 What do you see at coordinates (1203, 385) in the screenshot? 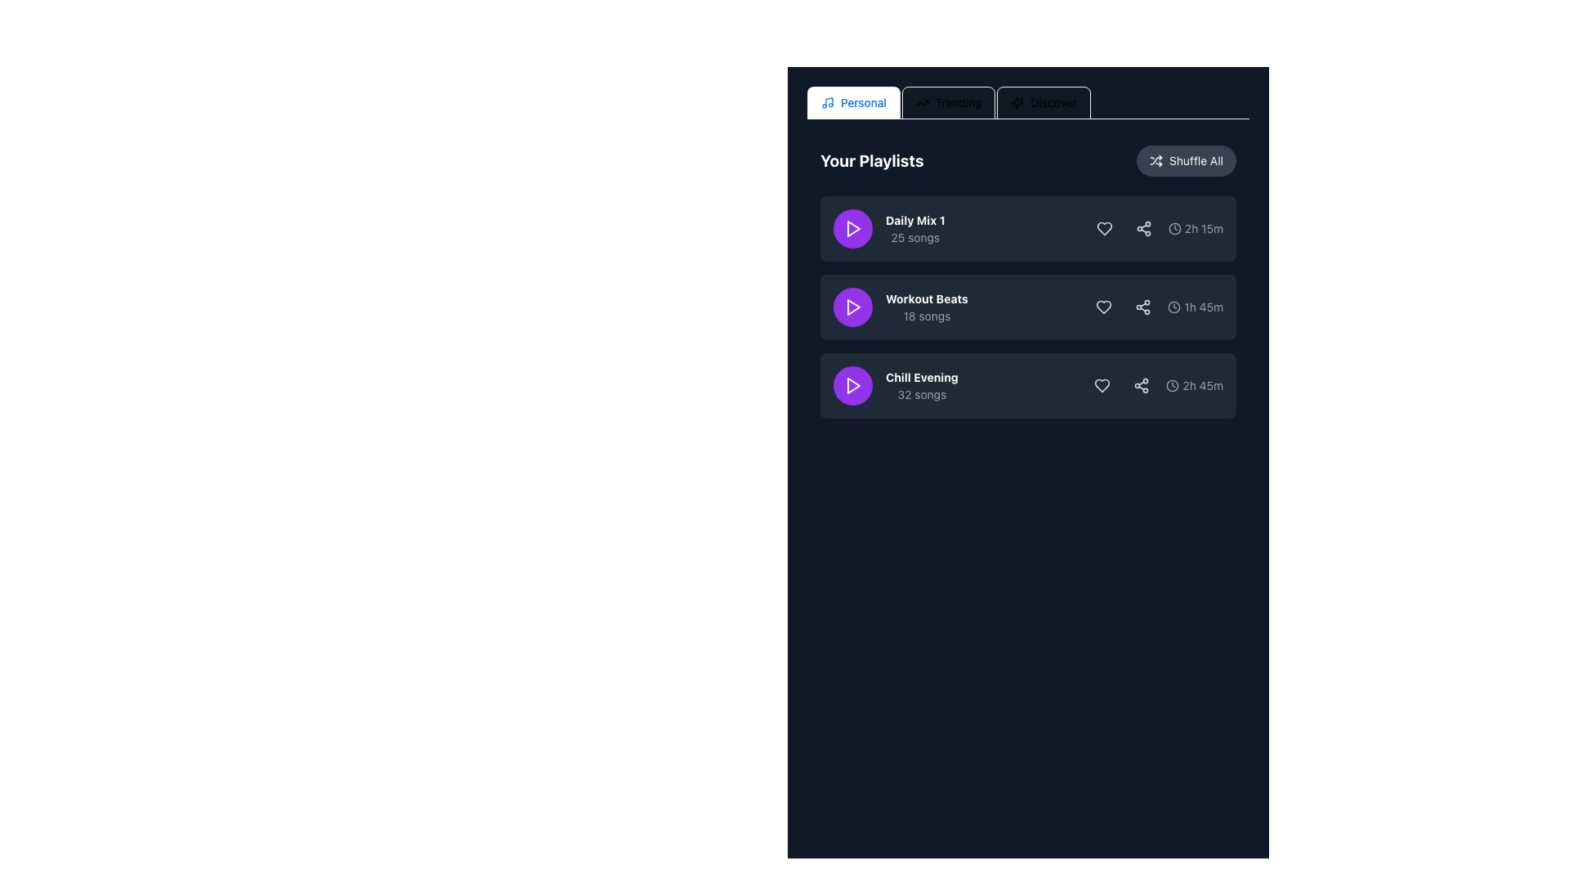
I see `the small light gray text label showing '2h 45m' located next to the clock icon in the lower-right corner of the 'Chill Evening' playlist entry` at bounding box center [1203, 385].